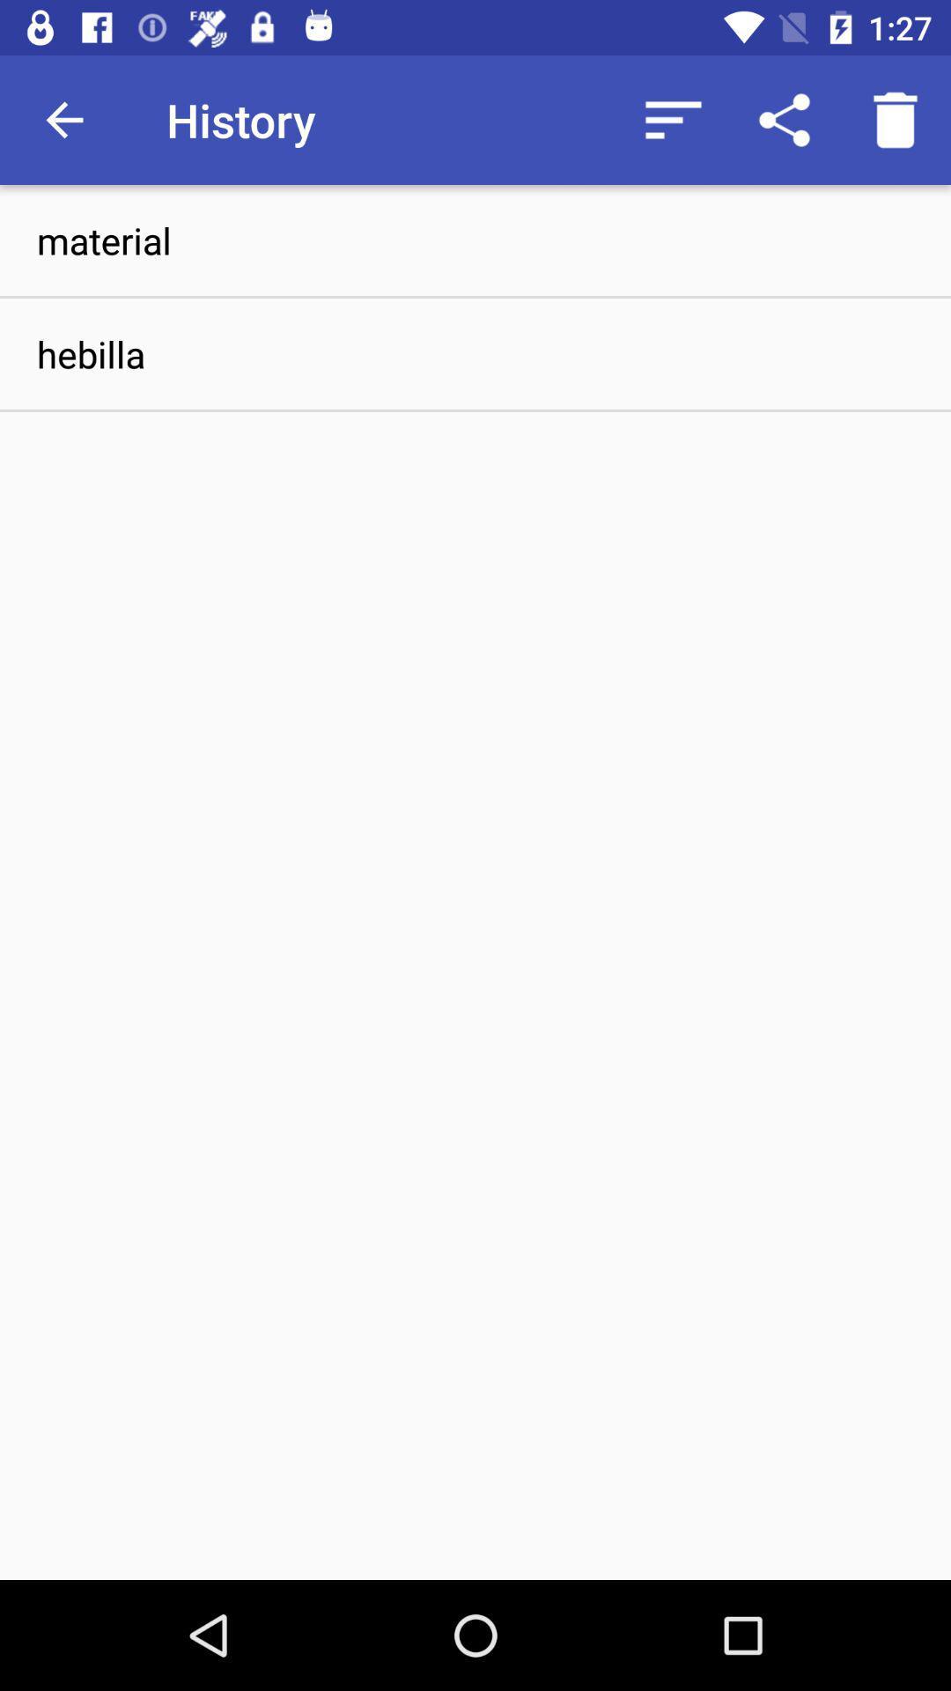 The image size is (951, 1691). What do you see at coordinates (475, 240) in the screenshot?
I see `icon above hebilla` at bounding box center [475, 240].